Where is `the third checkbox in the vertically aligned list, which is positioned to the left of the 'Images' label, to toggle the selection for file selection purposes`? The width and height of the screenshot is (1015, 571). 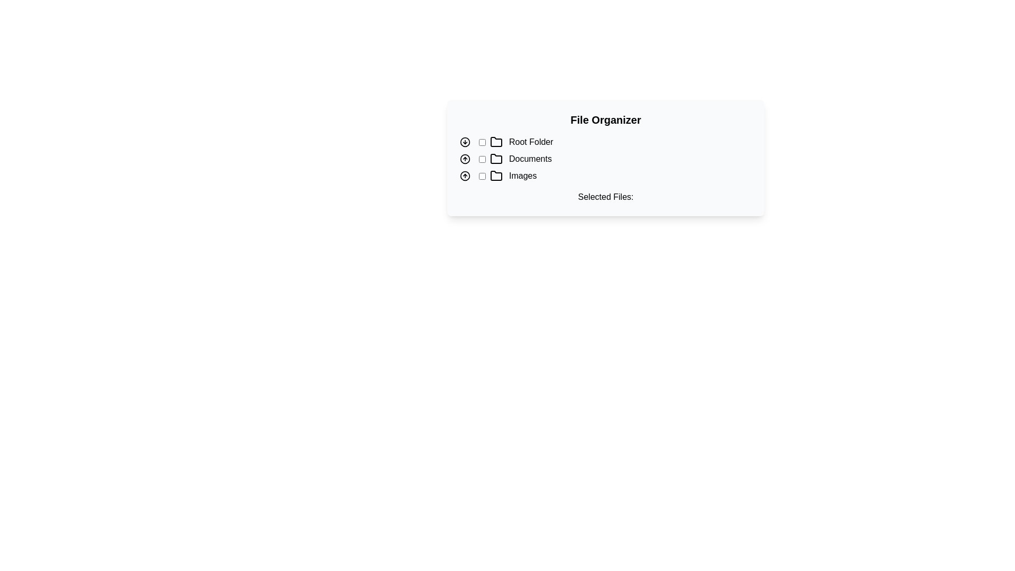
the third checkbox in the vertically aligned list, which is positioned to the left of the 'Images' label, to toggle the selection for file selection purposes is located at coordinates (482, 175).